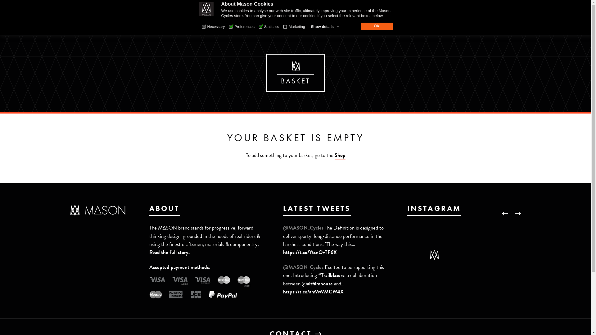 The height and width of the screenshot is (335, 596). Describe the element at coordinates (304, 267) in the screenshot. I see `'@MASON_Cycles'` at that location.